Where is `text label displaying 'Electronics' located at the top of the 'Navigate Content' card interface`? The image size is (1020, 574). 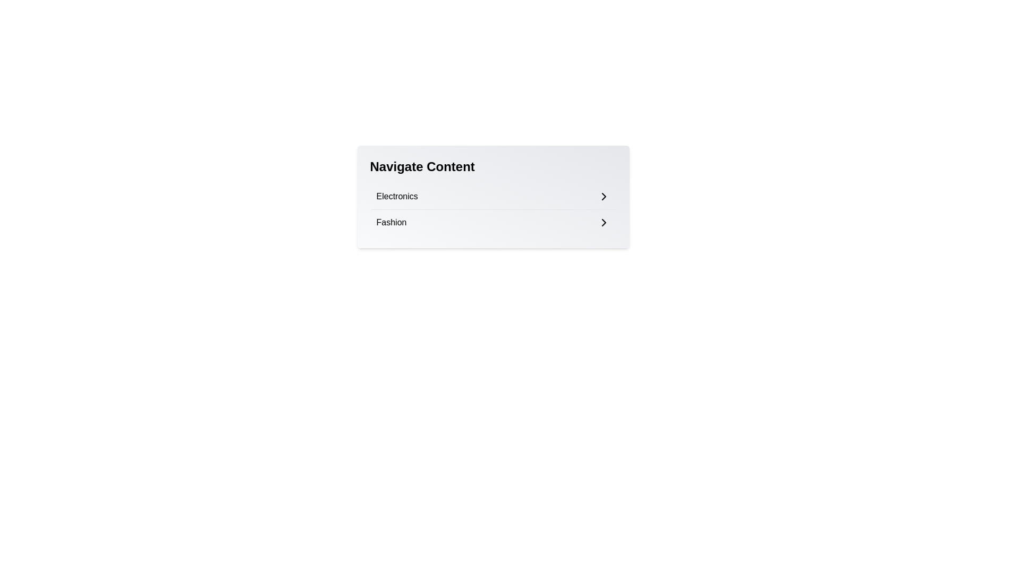 text label displaying 'Electronics' located at the top of the 'Navigate Content' card interface is located at coordinates (396, 197).